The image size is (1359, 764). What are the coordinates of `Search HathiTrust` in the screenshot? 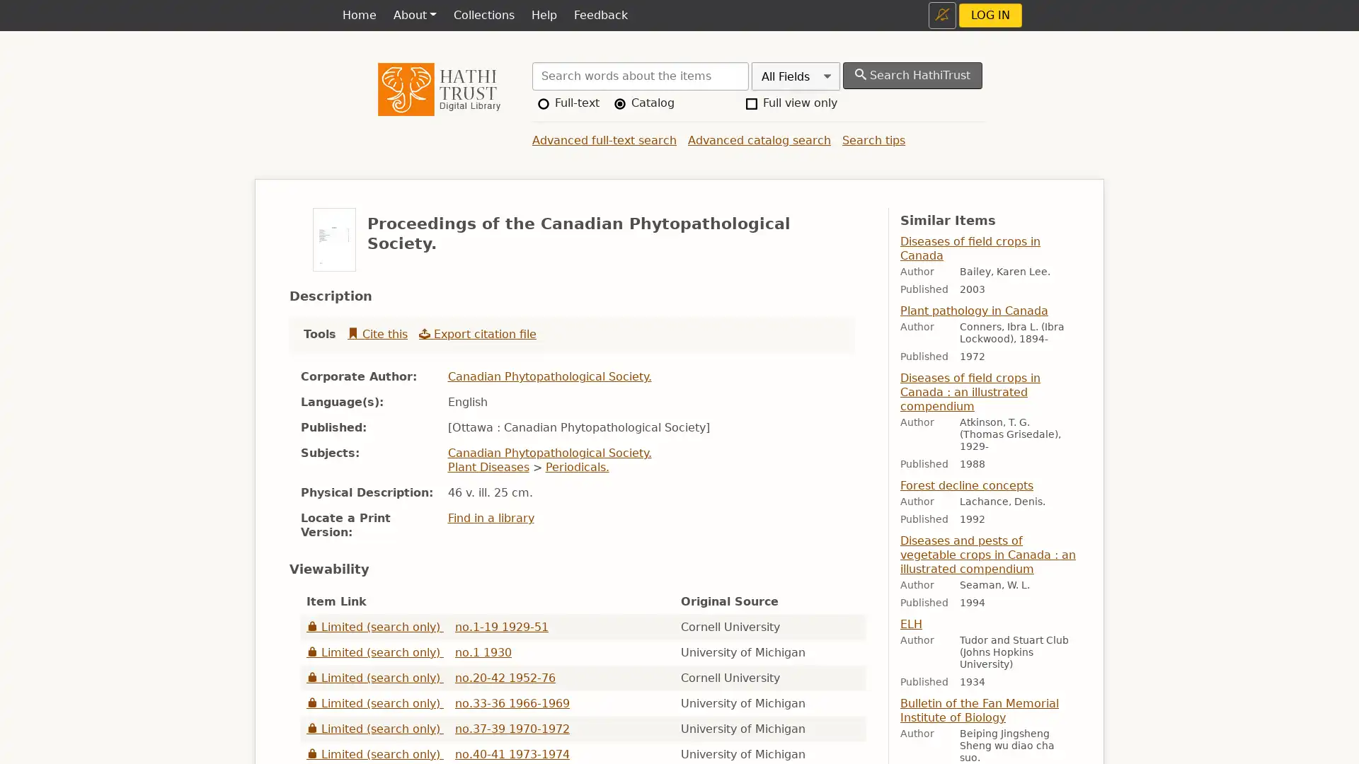 It's located at (912, 76).